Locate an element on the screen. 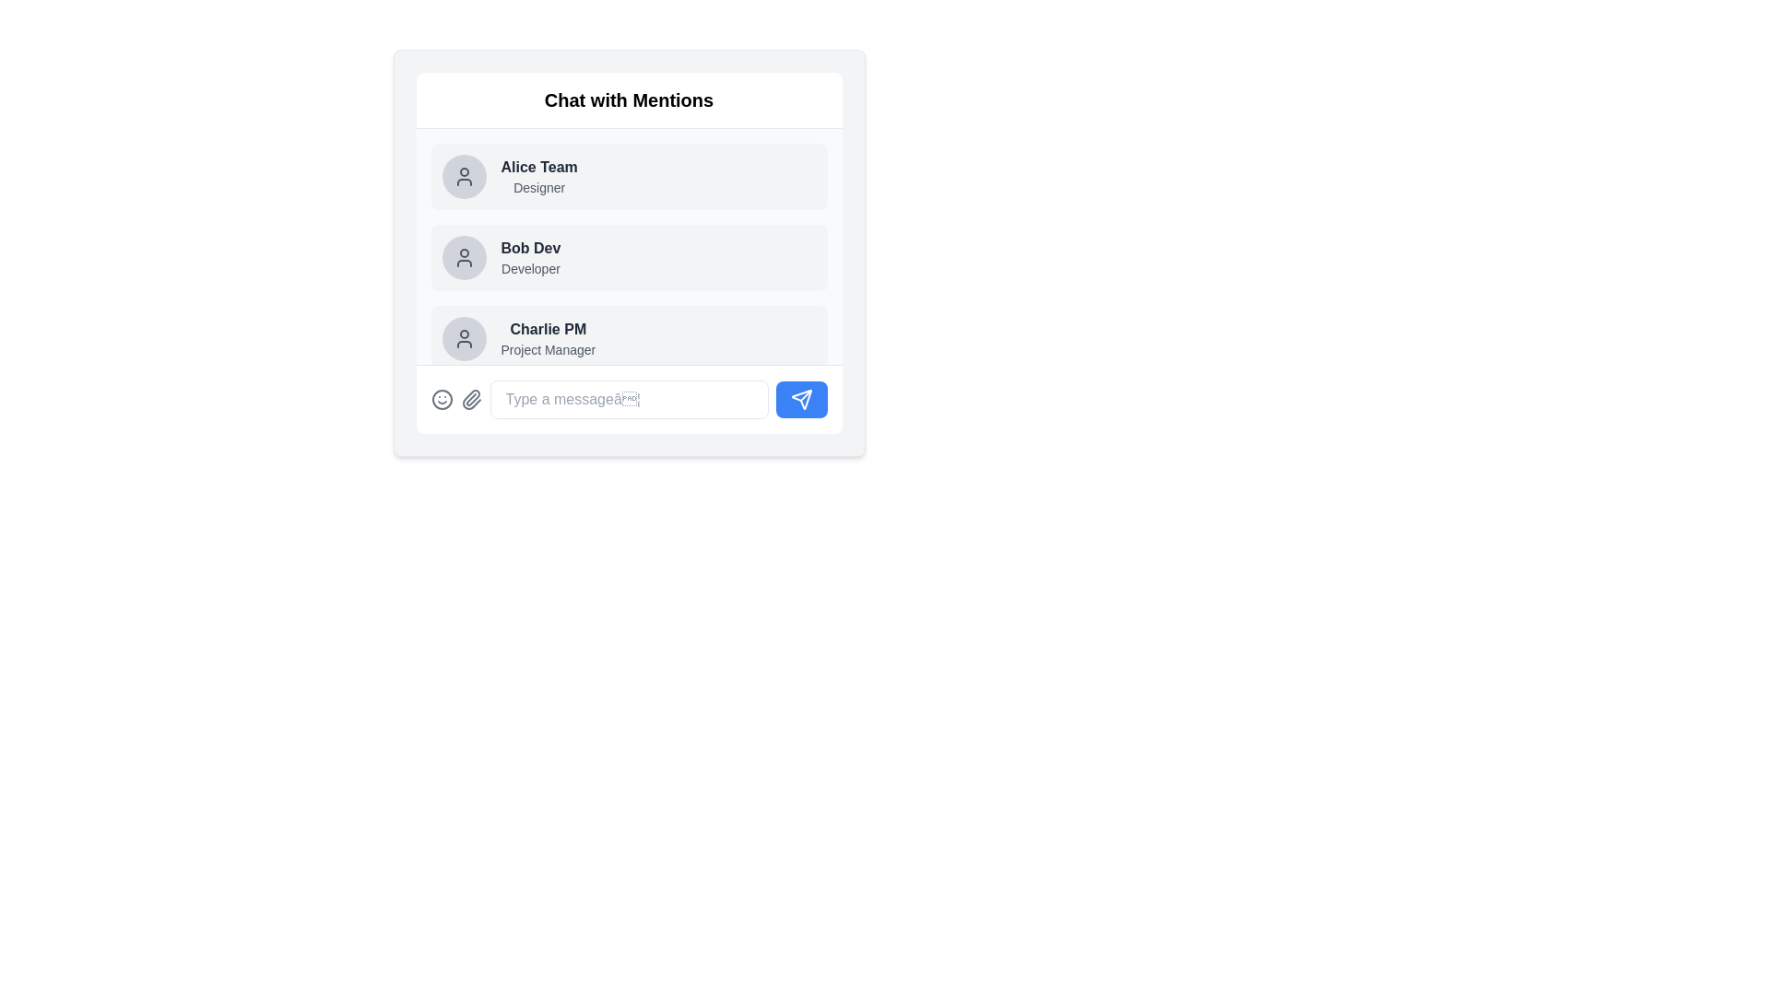 The image size is (1770, 995). the user profile card located in the 'Chat with Mentions' section, positioned centrally between 'Alice Team' and 'Charlie PM' is located at coordinates (629, 245).